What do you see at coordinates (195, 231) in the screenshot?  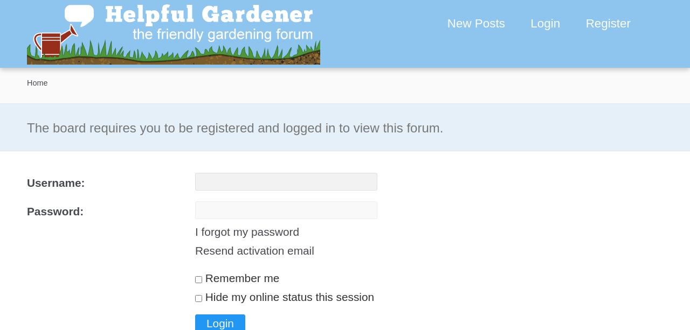 I see `'I forgot my password'` at bounding box center [195, 231].